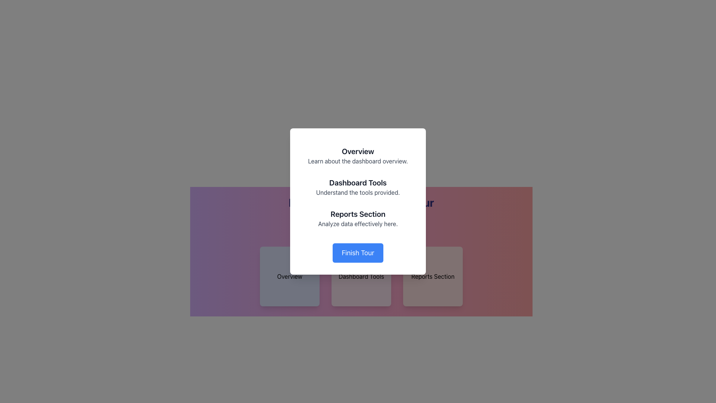 The height and width of the screenshot is (403, 716). I want to click on information displayed in the Text header with a subtitle located below the 'Overview' section and above the 'Reports Section' within the card layout, so click(358, 187).